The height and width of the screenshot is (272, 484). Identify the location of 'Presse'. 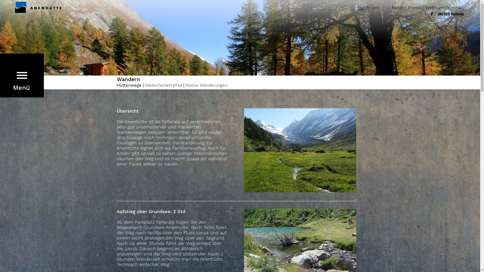
(415, 8).